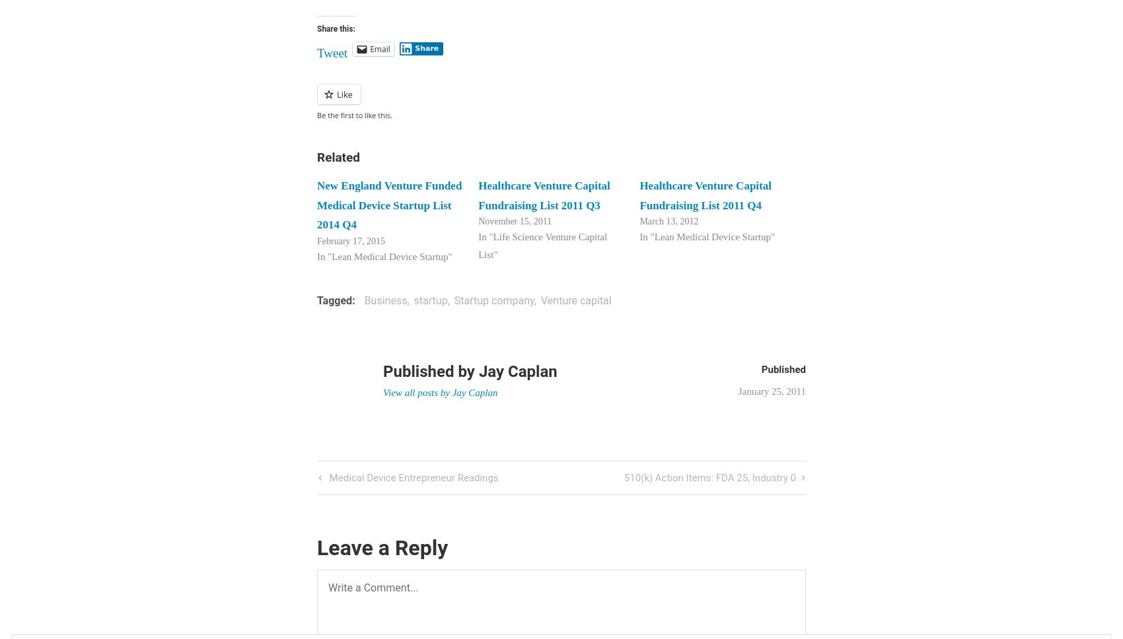 This screenshot has height=639, width=1123. Describe the element at coordinates (430, 370) in the screenshot. I see `'Published by'` at that location.